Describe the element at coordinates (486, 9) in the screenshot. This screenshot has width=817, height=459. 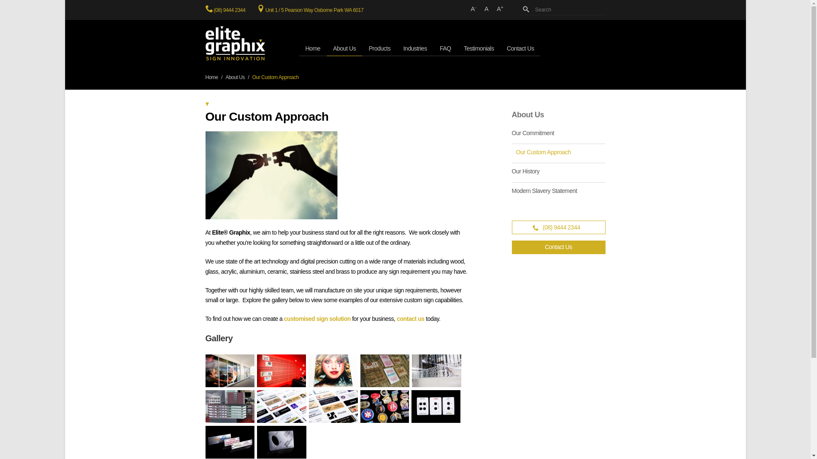
I see `'A'` at that location.